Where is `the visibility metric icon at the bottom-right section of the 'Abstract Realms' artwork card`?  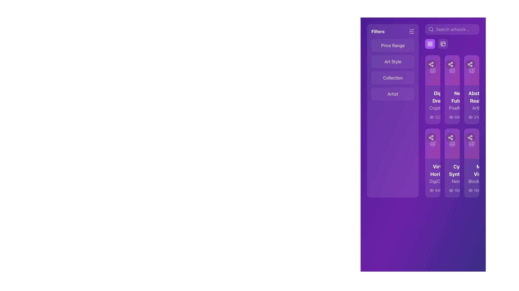
the visibility metric icon at the bottom-right section of the 'Abstract Realms' artwork card is located at coordinates (471, 117).